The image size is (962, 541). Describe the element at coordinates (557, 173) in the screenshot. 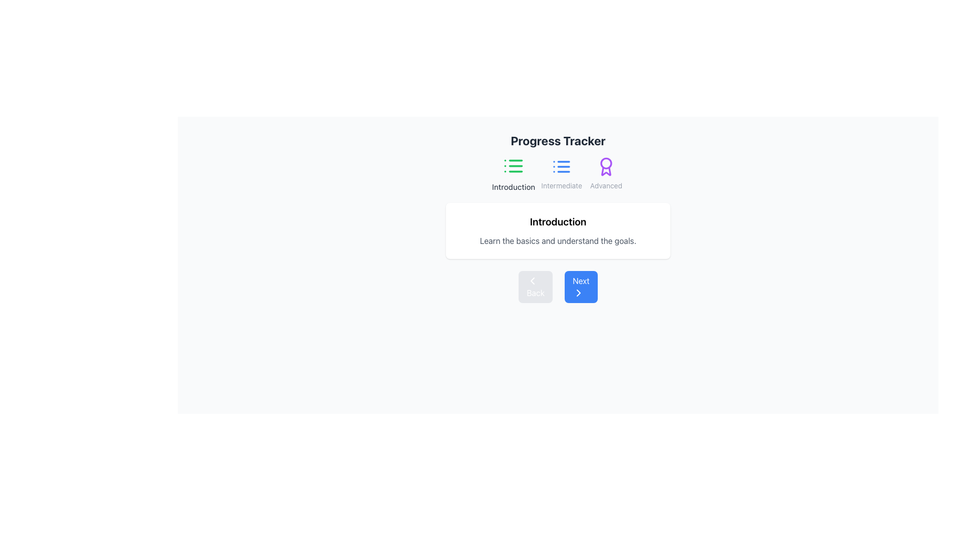

I see `the 'Intermediate' section of the Progress Tracker` at that location.